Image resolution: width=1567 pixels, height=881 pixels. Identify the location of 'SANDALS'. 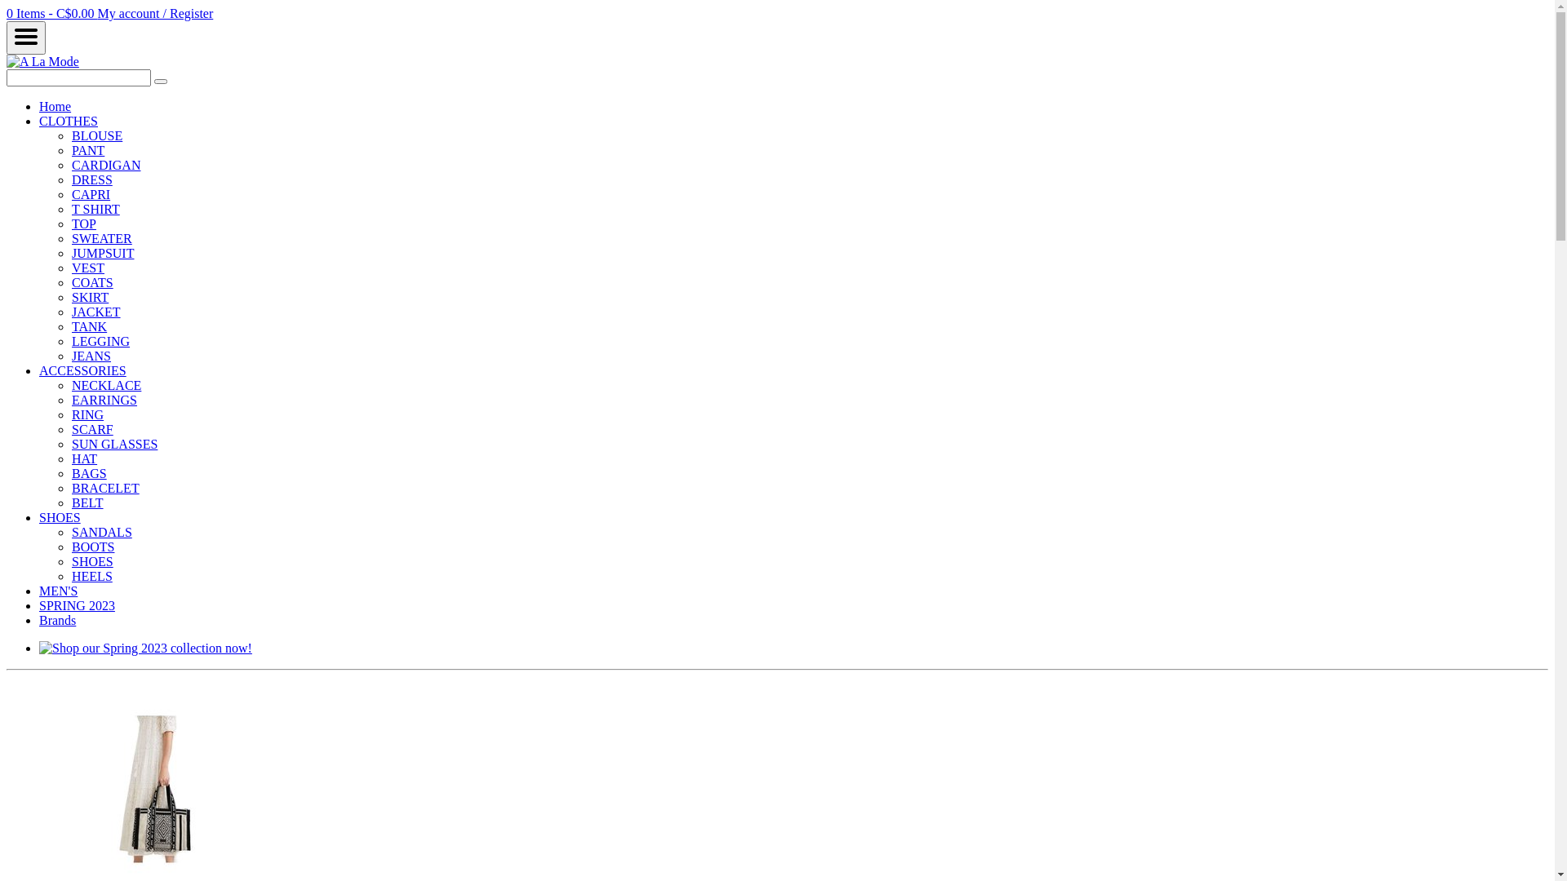
(100, 532).